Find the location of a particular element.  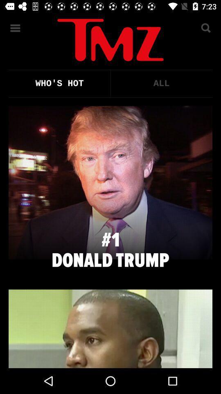

the menu icon is located at coordinates (15, 28).